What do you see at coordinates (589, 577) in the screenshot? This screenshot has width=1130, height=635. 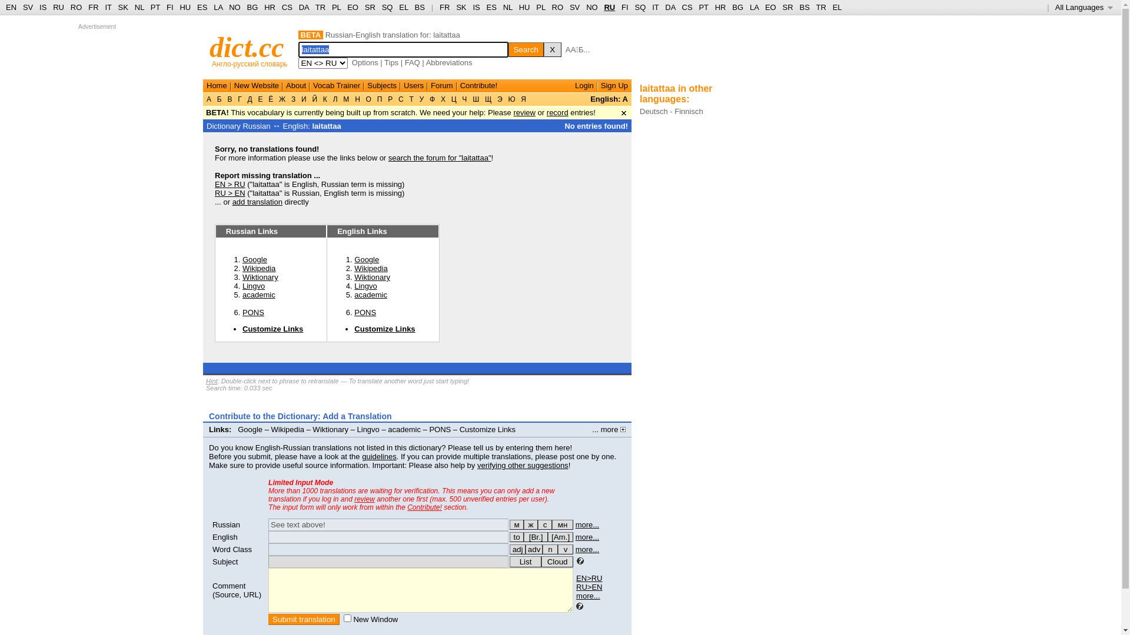 I see `'EN>RU'` at bounding box center [589, 577].